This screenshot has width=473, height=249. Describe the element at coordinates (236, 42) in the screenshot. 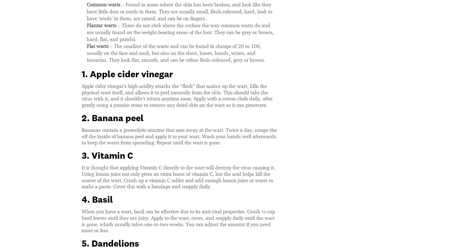

I see `'‘I Can Finally See A New Me’: Bindi Irwin’s Endometriosis Update'` at that location.